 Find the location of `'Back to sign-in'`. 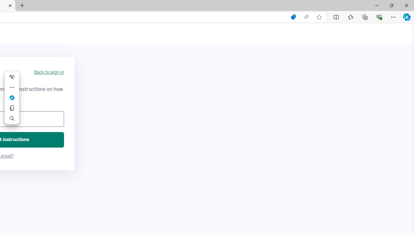

'Back to sign-in' is located at coordinates (49, 72).